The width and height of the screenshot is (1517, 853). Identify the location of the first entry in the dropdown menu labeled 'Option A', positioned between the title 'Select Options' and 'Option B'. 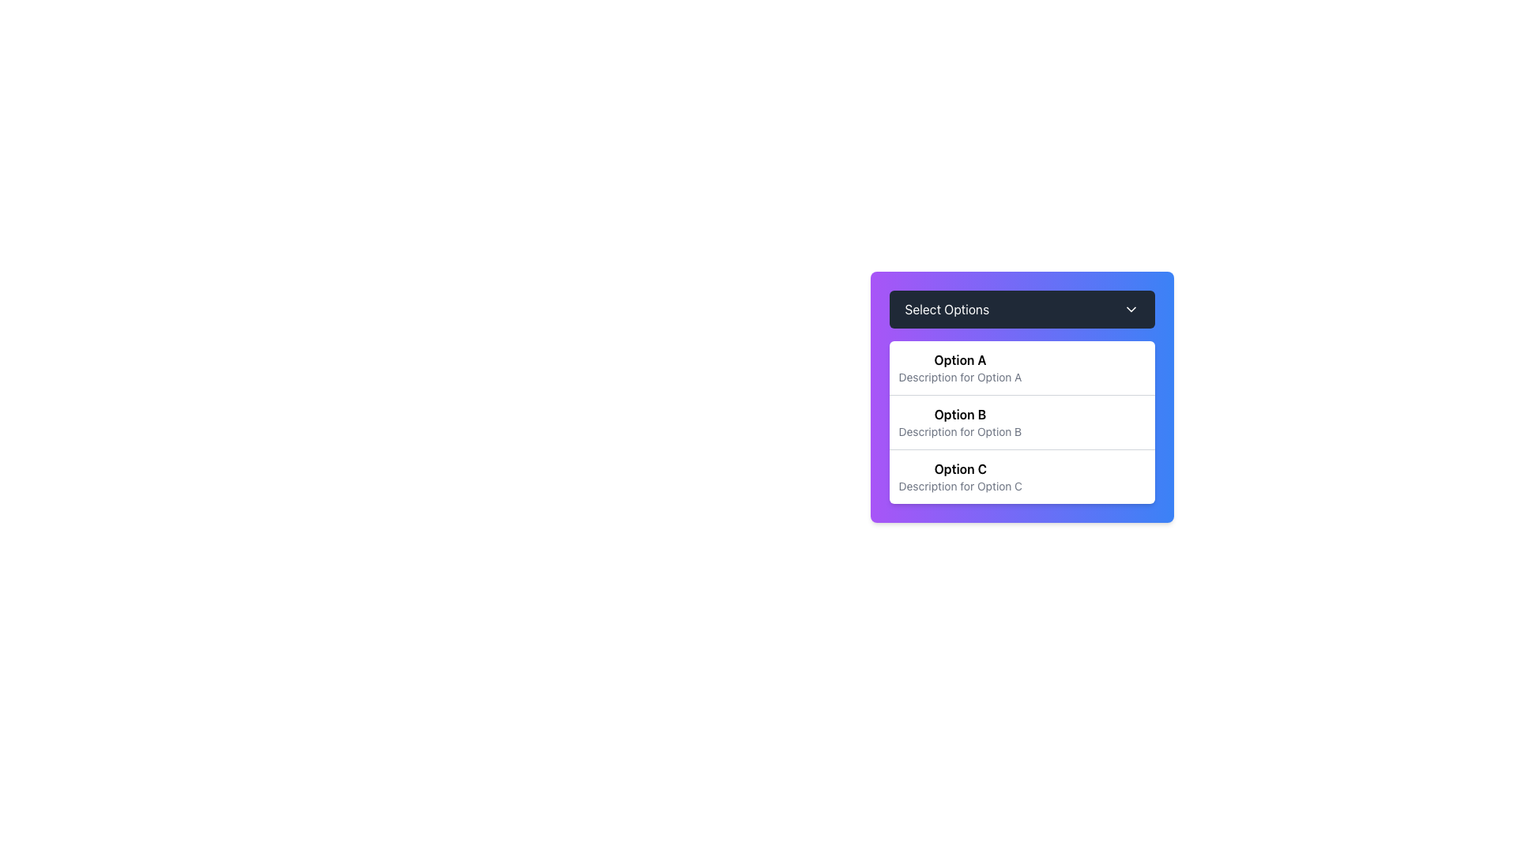
(1022, 368).